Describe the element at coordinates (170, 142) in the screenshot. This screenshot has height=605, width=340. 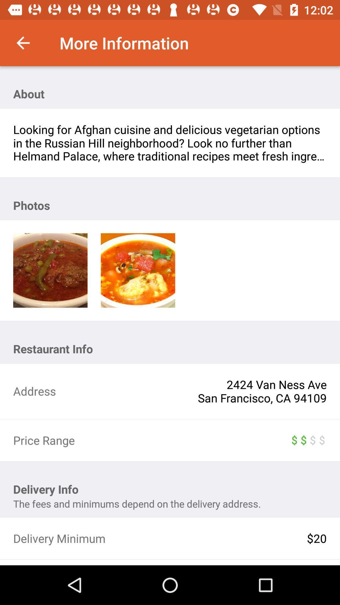
I see `icon above photos icon` at that location.